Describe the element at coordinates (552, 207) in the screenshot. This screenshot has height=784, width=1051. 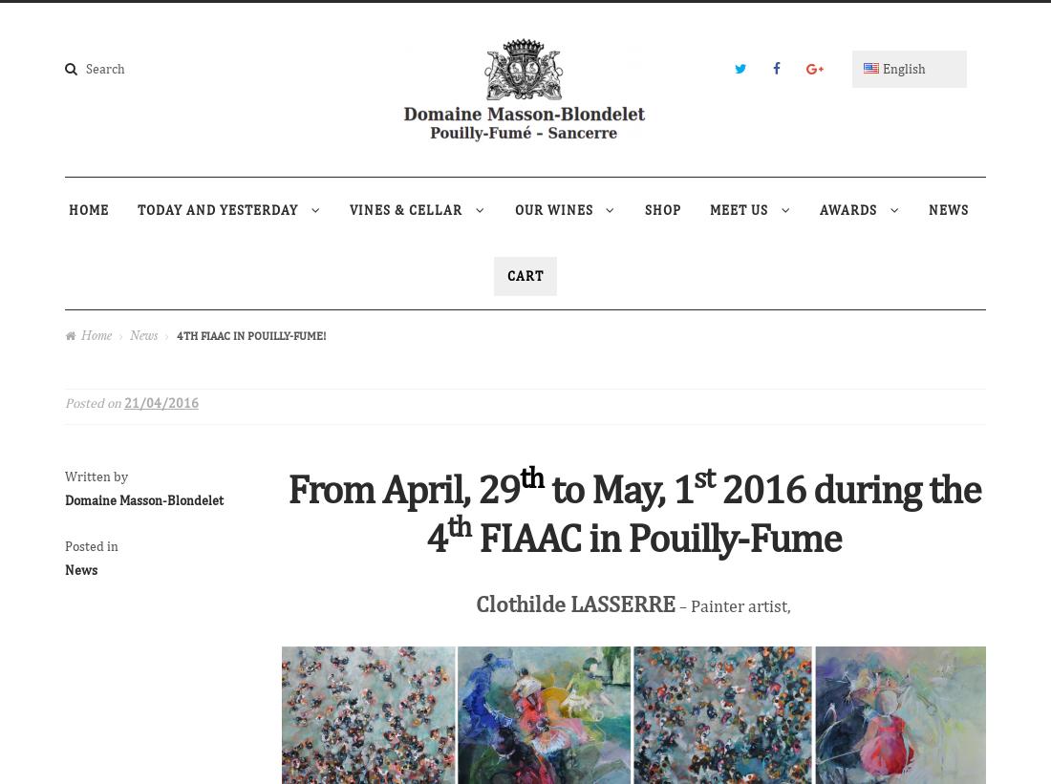
I see `'Our wines'` at that location.